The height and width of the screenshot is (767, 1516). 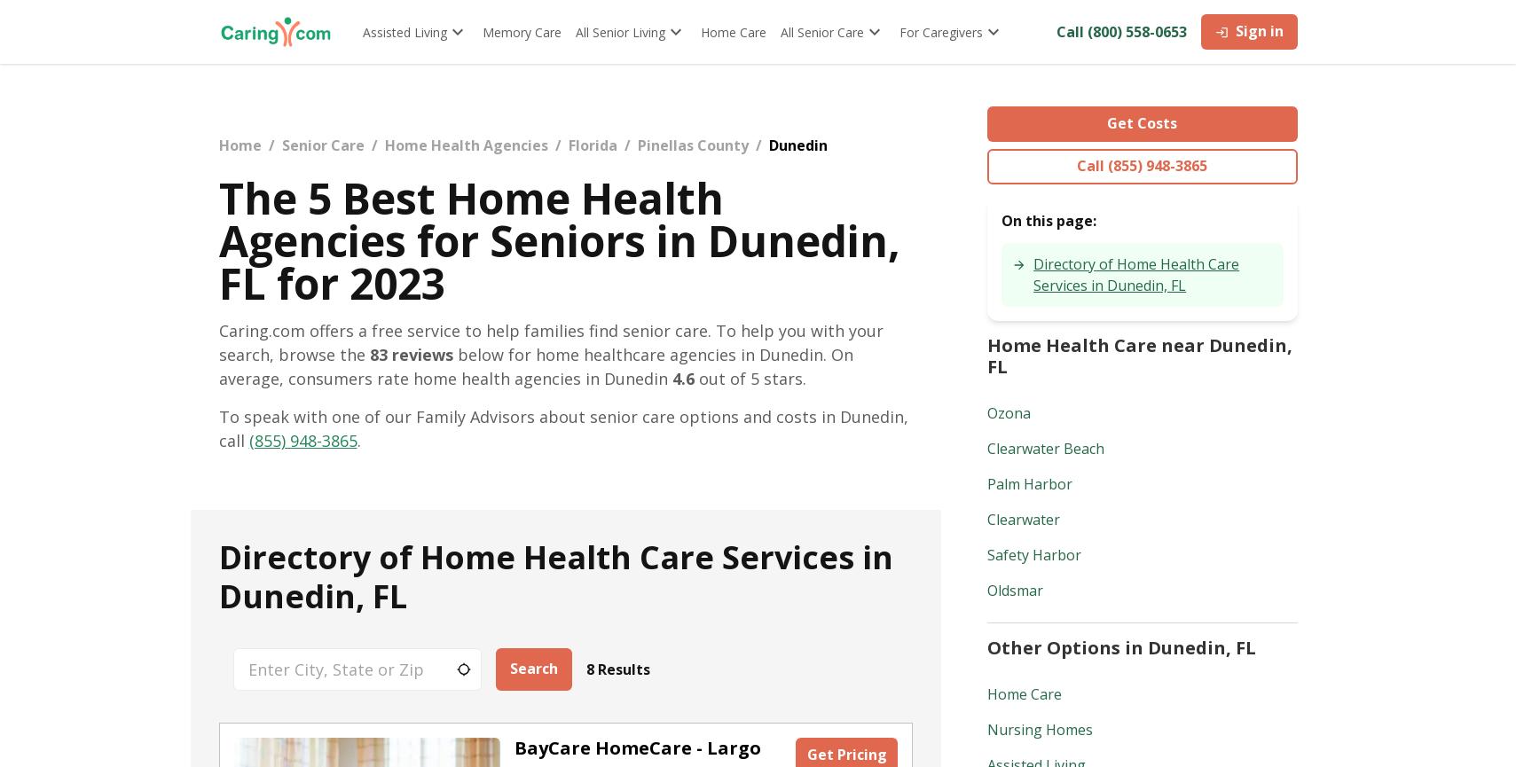 What do you see at coordinates (301, 440) in the screenshot?
I see `'(855) 948-3865'` at bounding box center [301, 440].